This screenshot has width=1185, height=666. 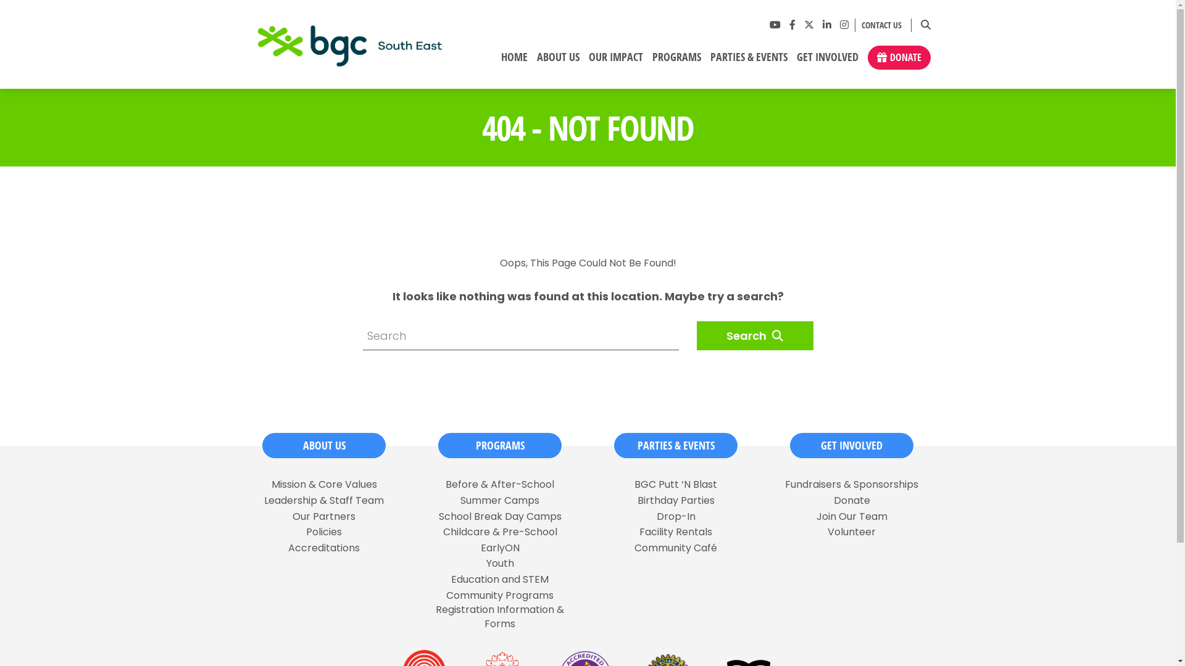 What do you see at coordinates (500, 445) in the screenshot?
I see `'PROGRAMS'` at bounding box center [500, 445].